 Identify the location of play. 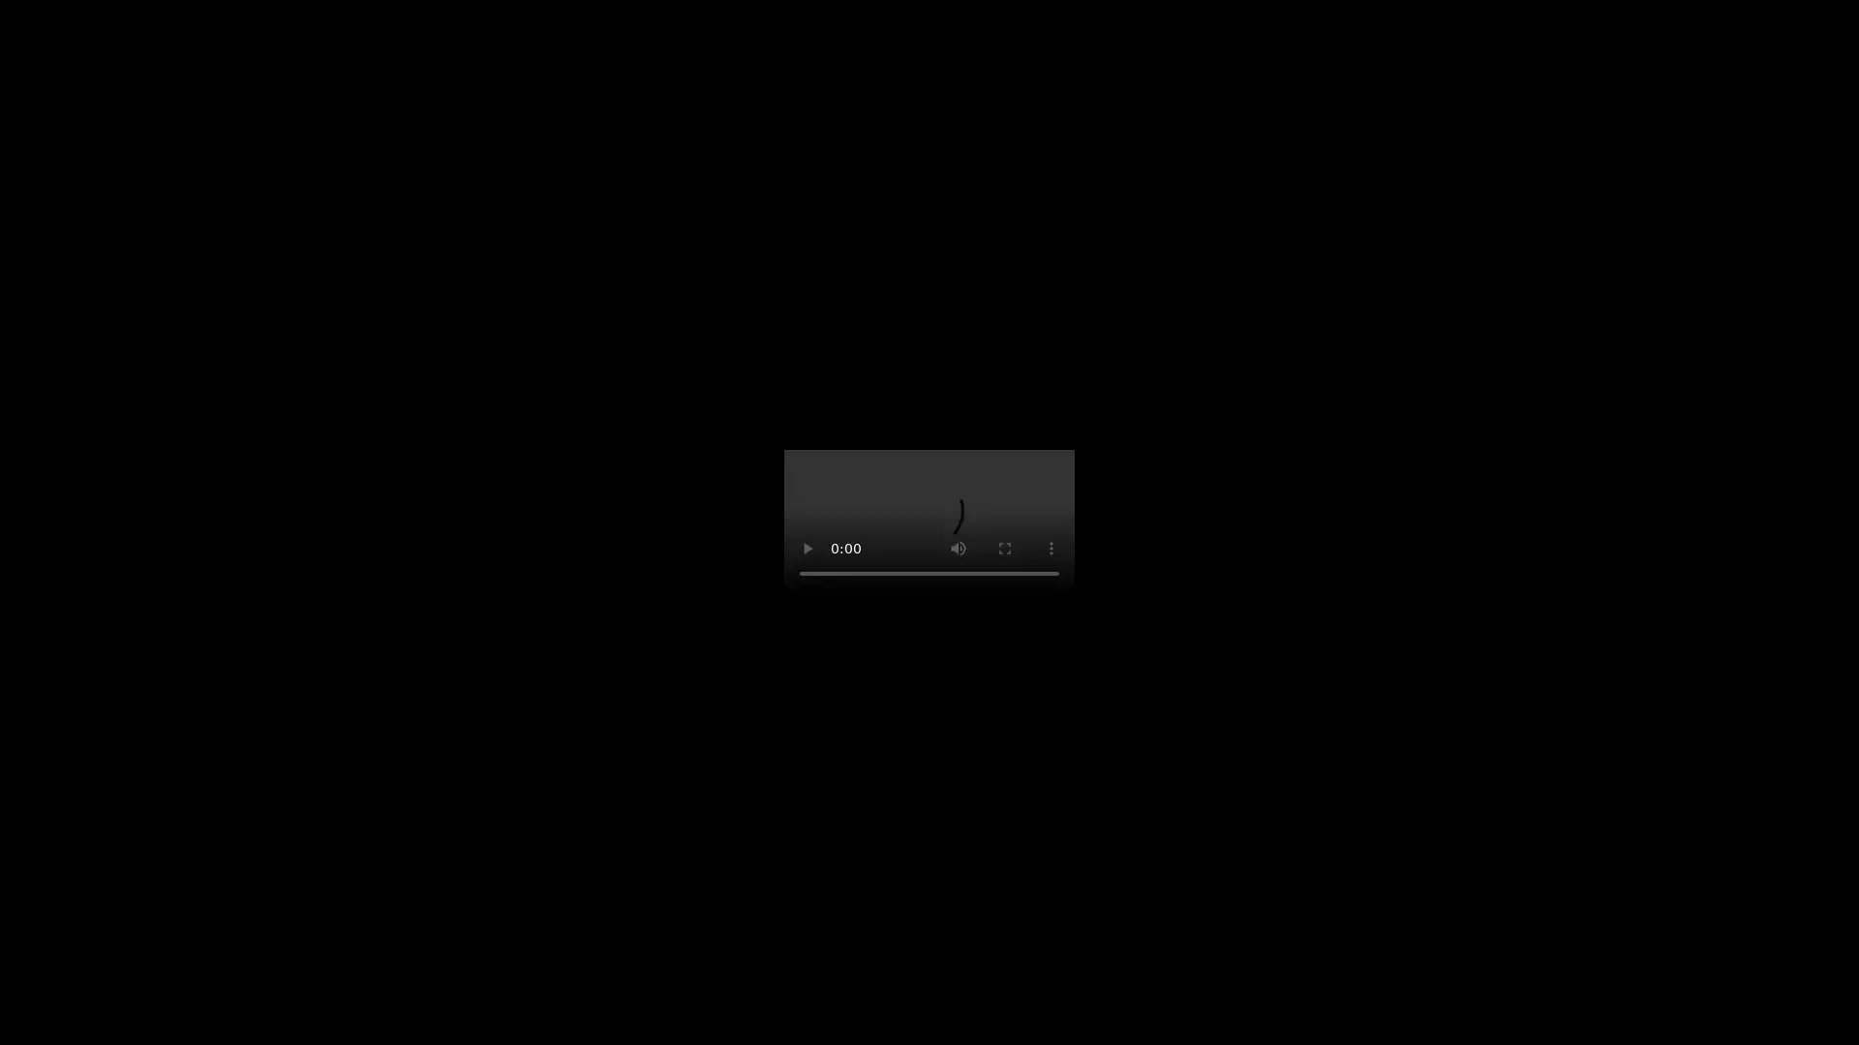
(808, 549).